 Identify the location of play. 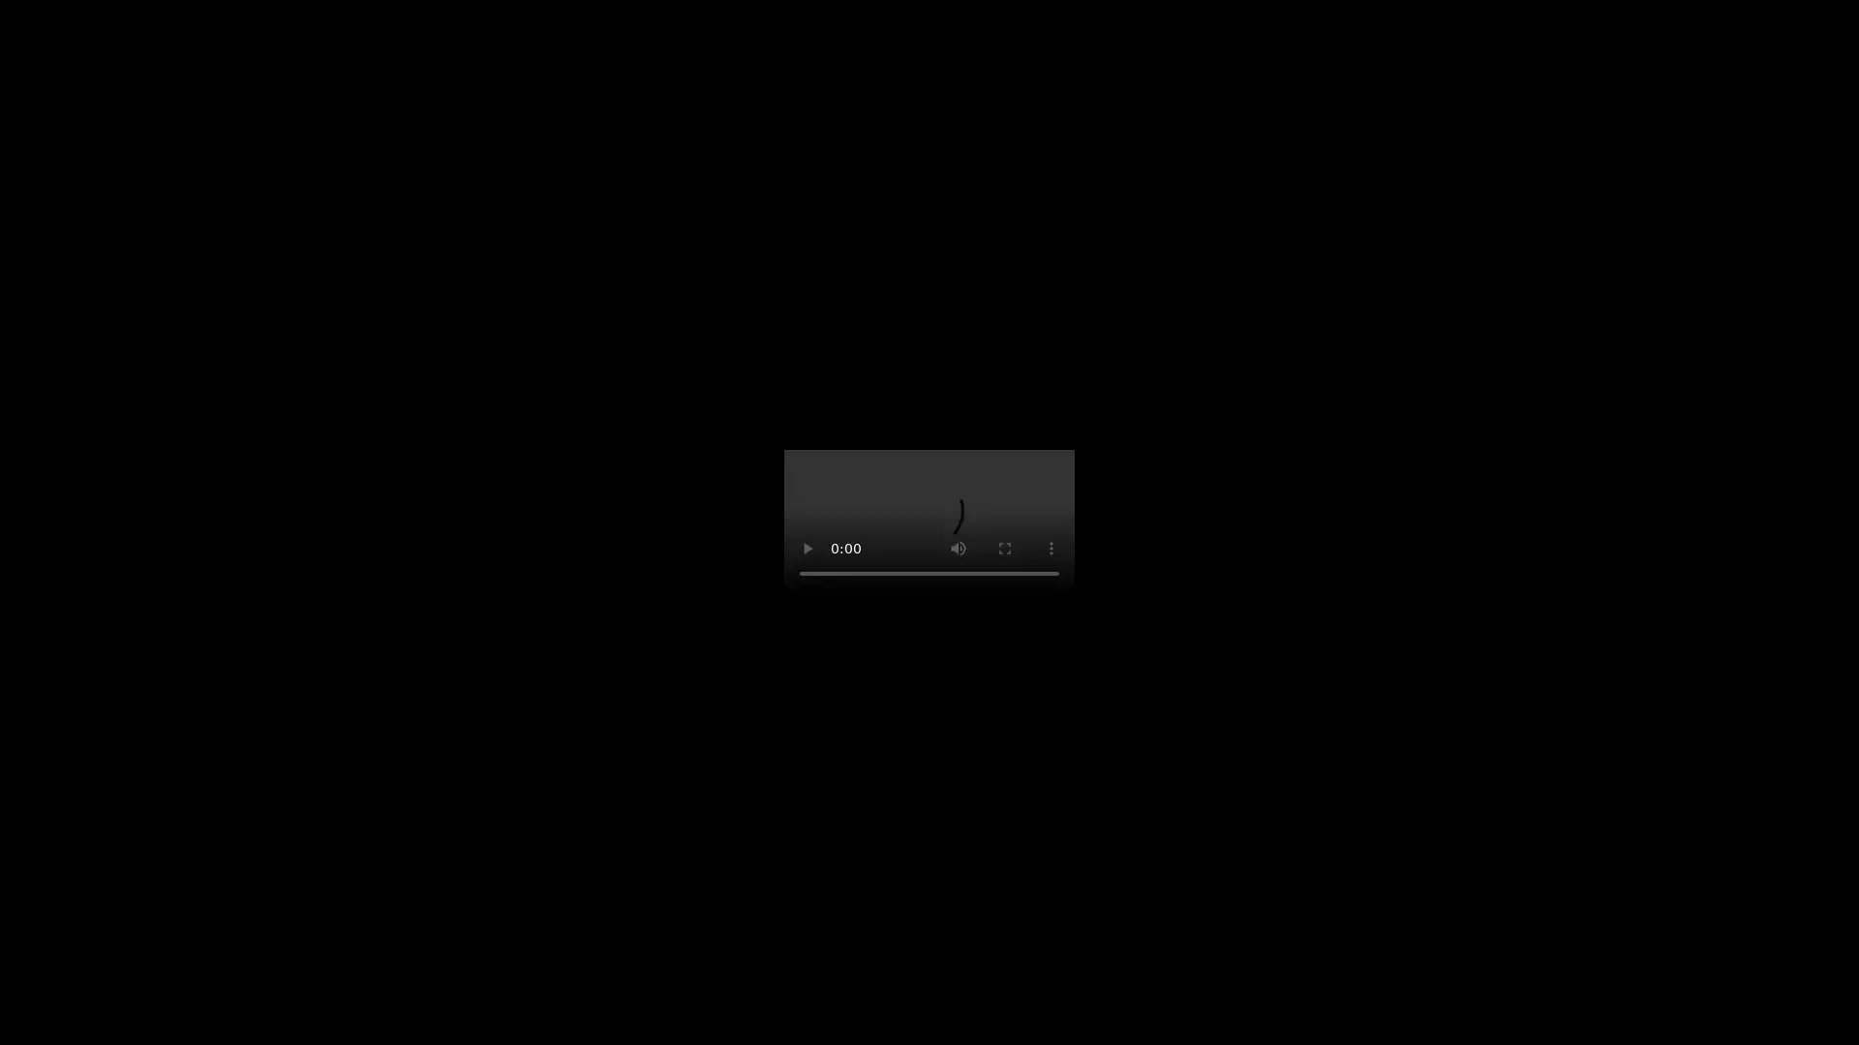
(808, 549).